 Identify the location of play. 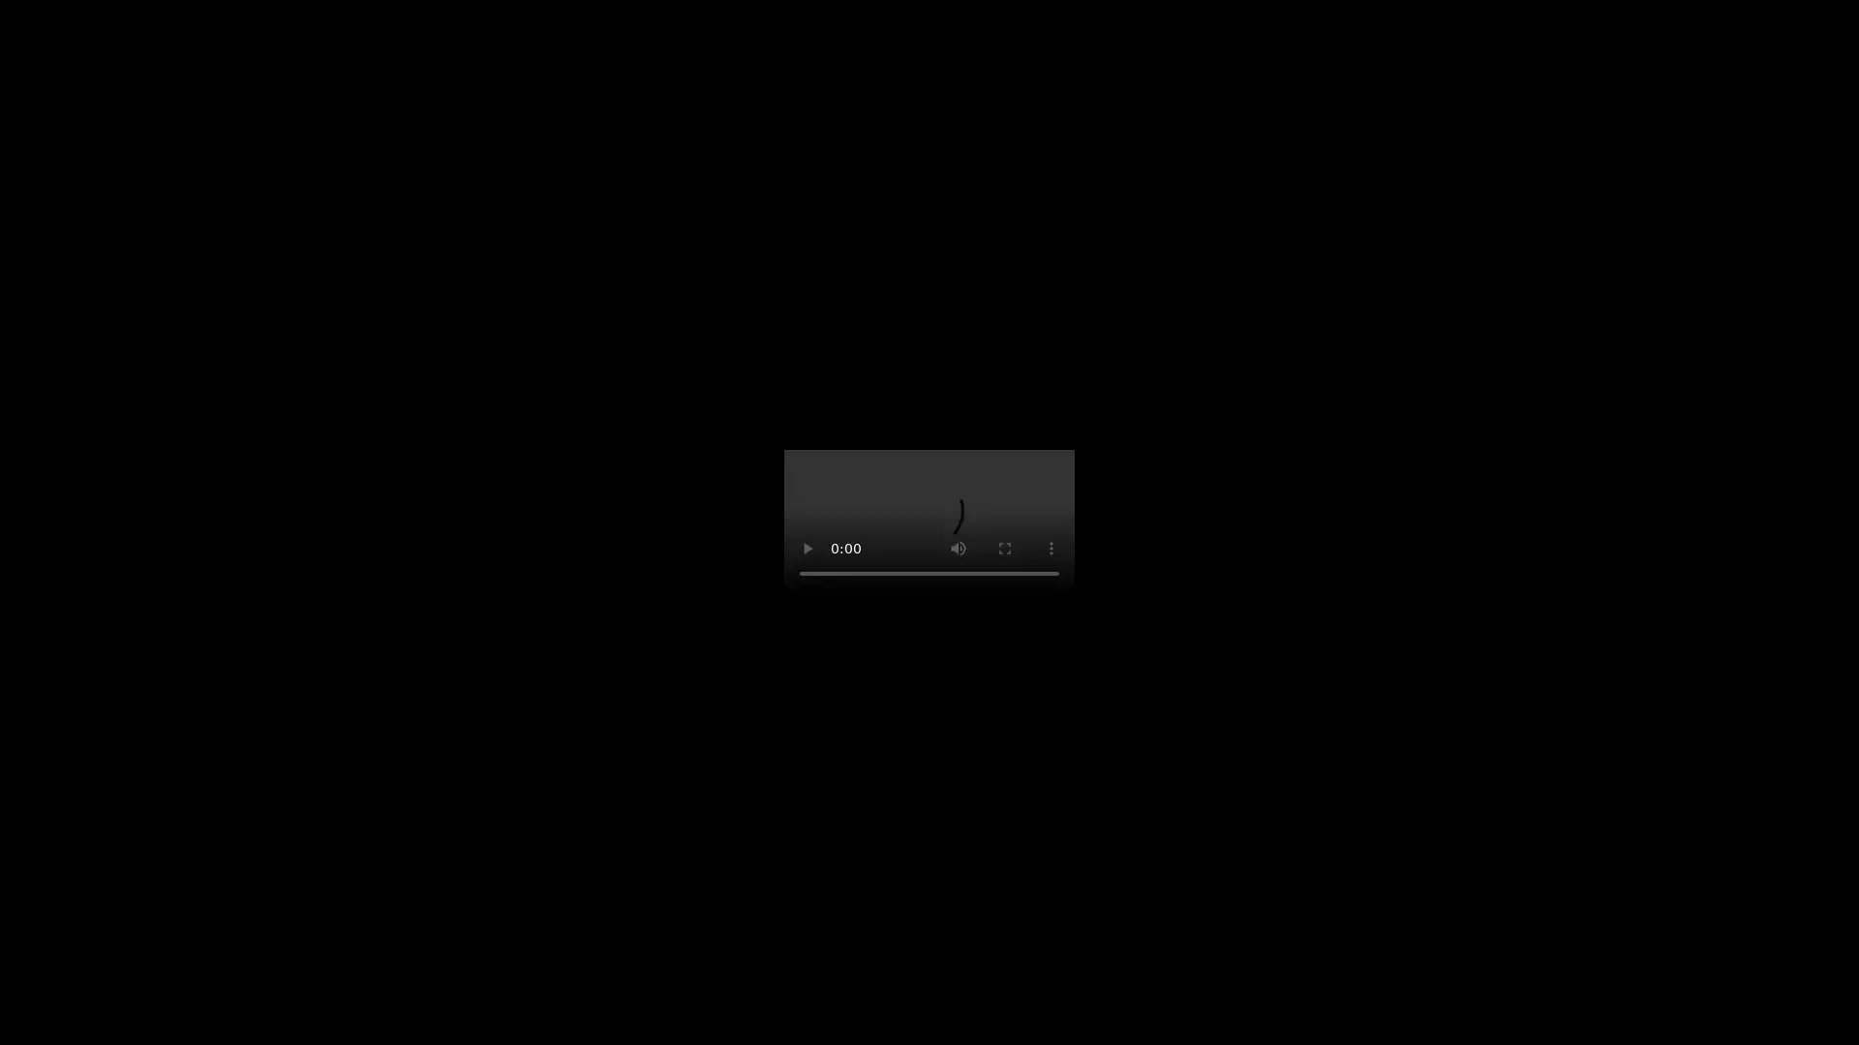
(808, 549).